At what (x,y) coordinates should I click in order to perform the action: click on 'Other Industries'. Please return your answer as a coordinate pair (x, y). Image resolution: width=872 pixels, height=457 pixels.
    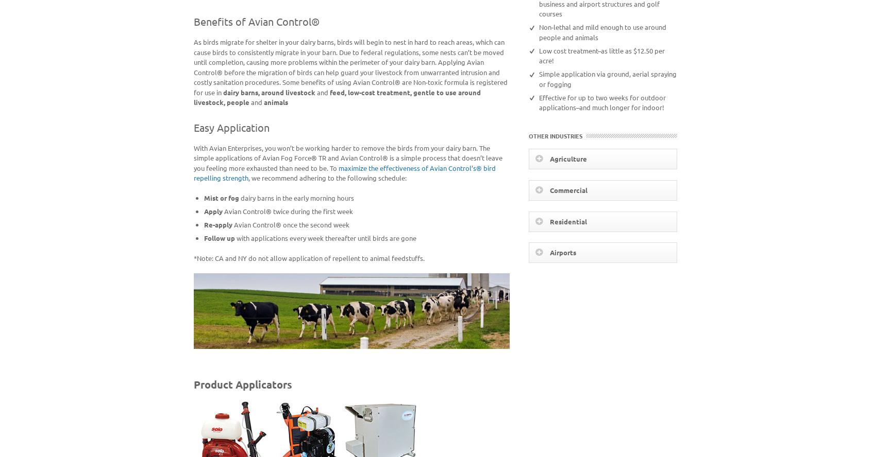
    Looking at the image, I should click on (528, 135).